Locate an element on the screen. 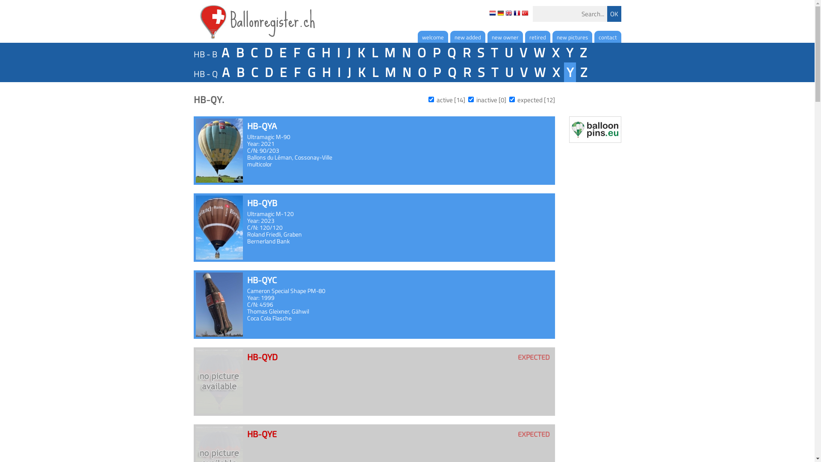 The image size is (821, 462). 'W' is located at coordinates (531, 53).